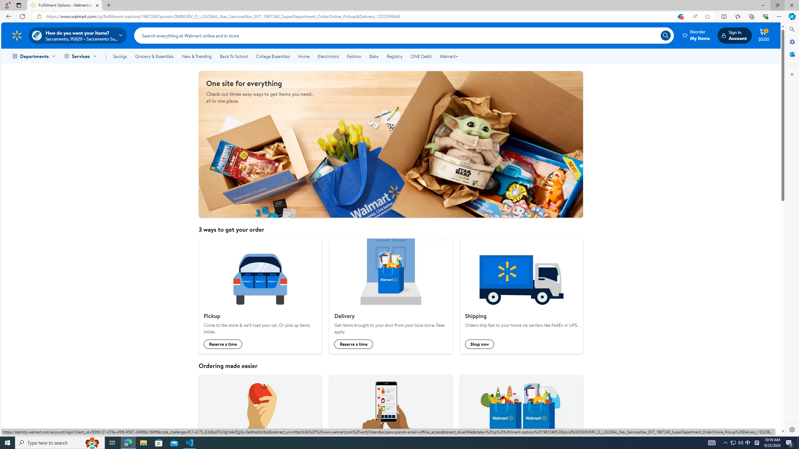 This screenshot has width=799, height=449. Describe the element at coordinates (120, 56) in the screenshot. I see `'Savings'` at that location.